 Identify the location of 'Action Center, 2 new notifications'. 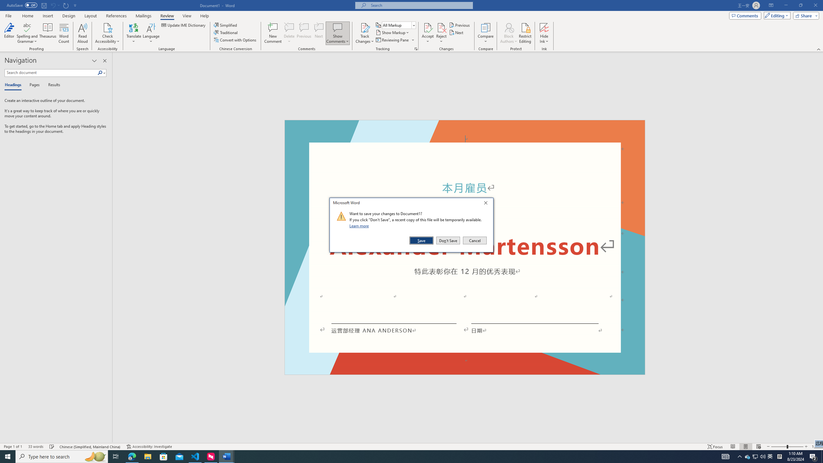
(813, 456).